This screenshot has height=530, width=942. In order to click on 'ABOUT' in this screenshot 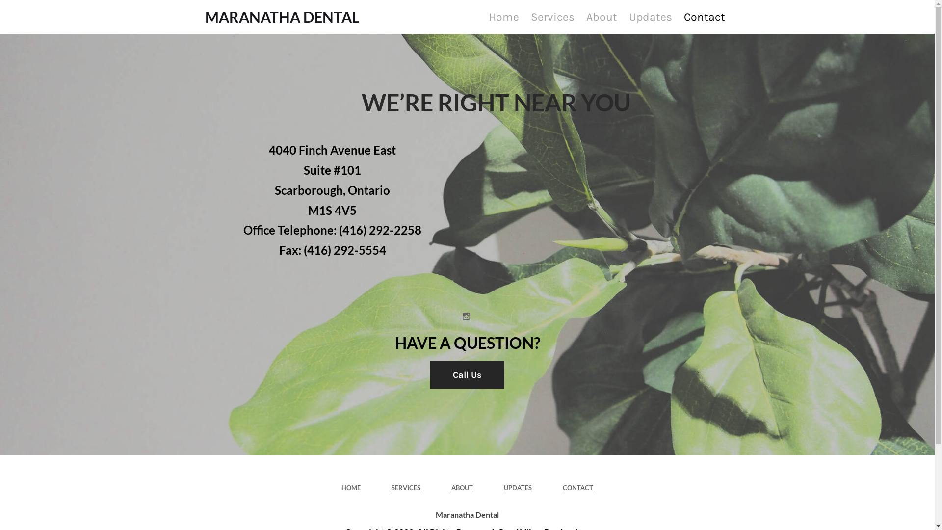, I will do `click(449, 488)`.